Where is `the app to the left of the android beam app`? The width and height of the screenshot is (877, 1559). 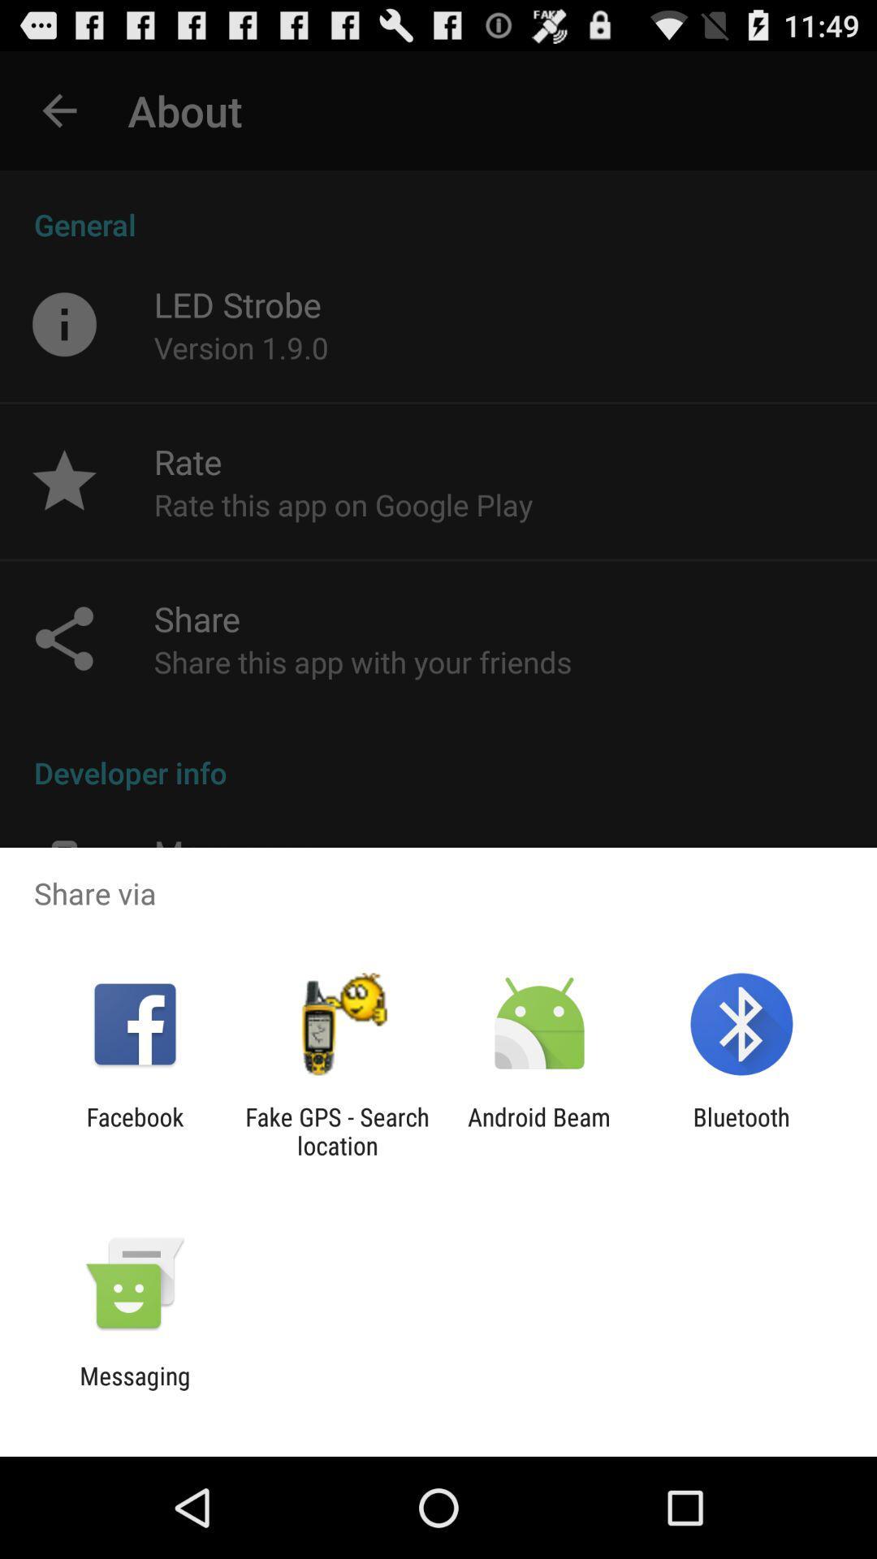 the app to the left of the android beam app is located at coordinates (336, 1130).